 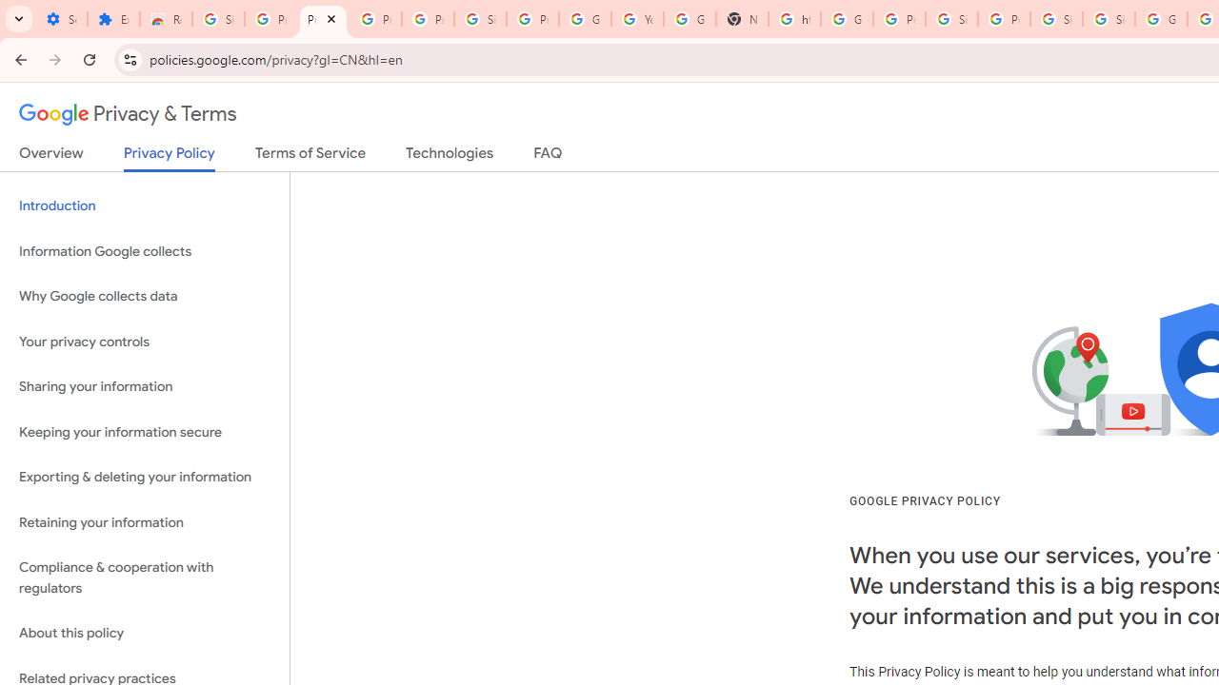 I want to click on 'Introduction', so click(x=144, y=206).